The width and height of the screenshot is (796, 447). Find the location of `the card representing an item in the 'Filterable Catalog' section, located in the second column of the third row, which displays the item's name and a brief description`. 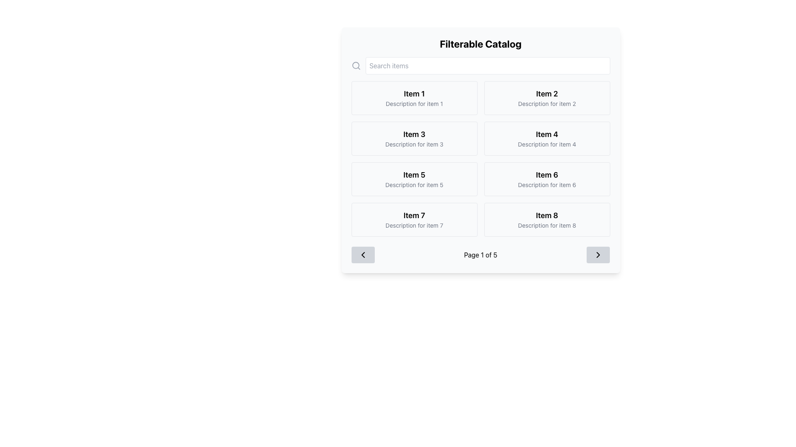

the card representing an item in the 'Filterable Catalog' section, located in the second column of the third row, which displays the item's name and a brief description is located at coordinates (547, 178).